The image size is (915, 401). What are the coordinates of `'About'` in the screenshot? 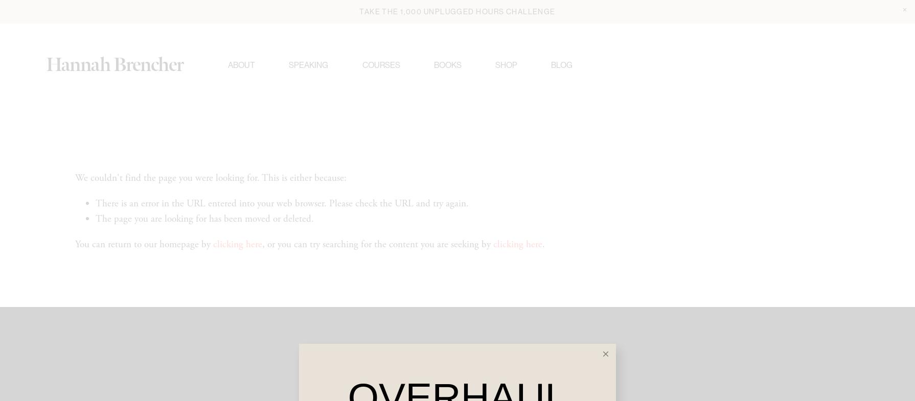 It's located at (241, 65).